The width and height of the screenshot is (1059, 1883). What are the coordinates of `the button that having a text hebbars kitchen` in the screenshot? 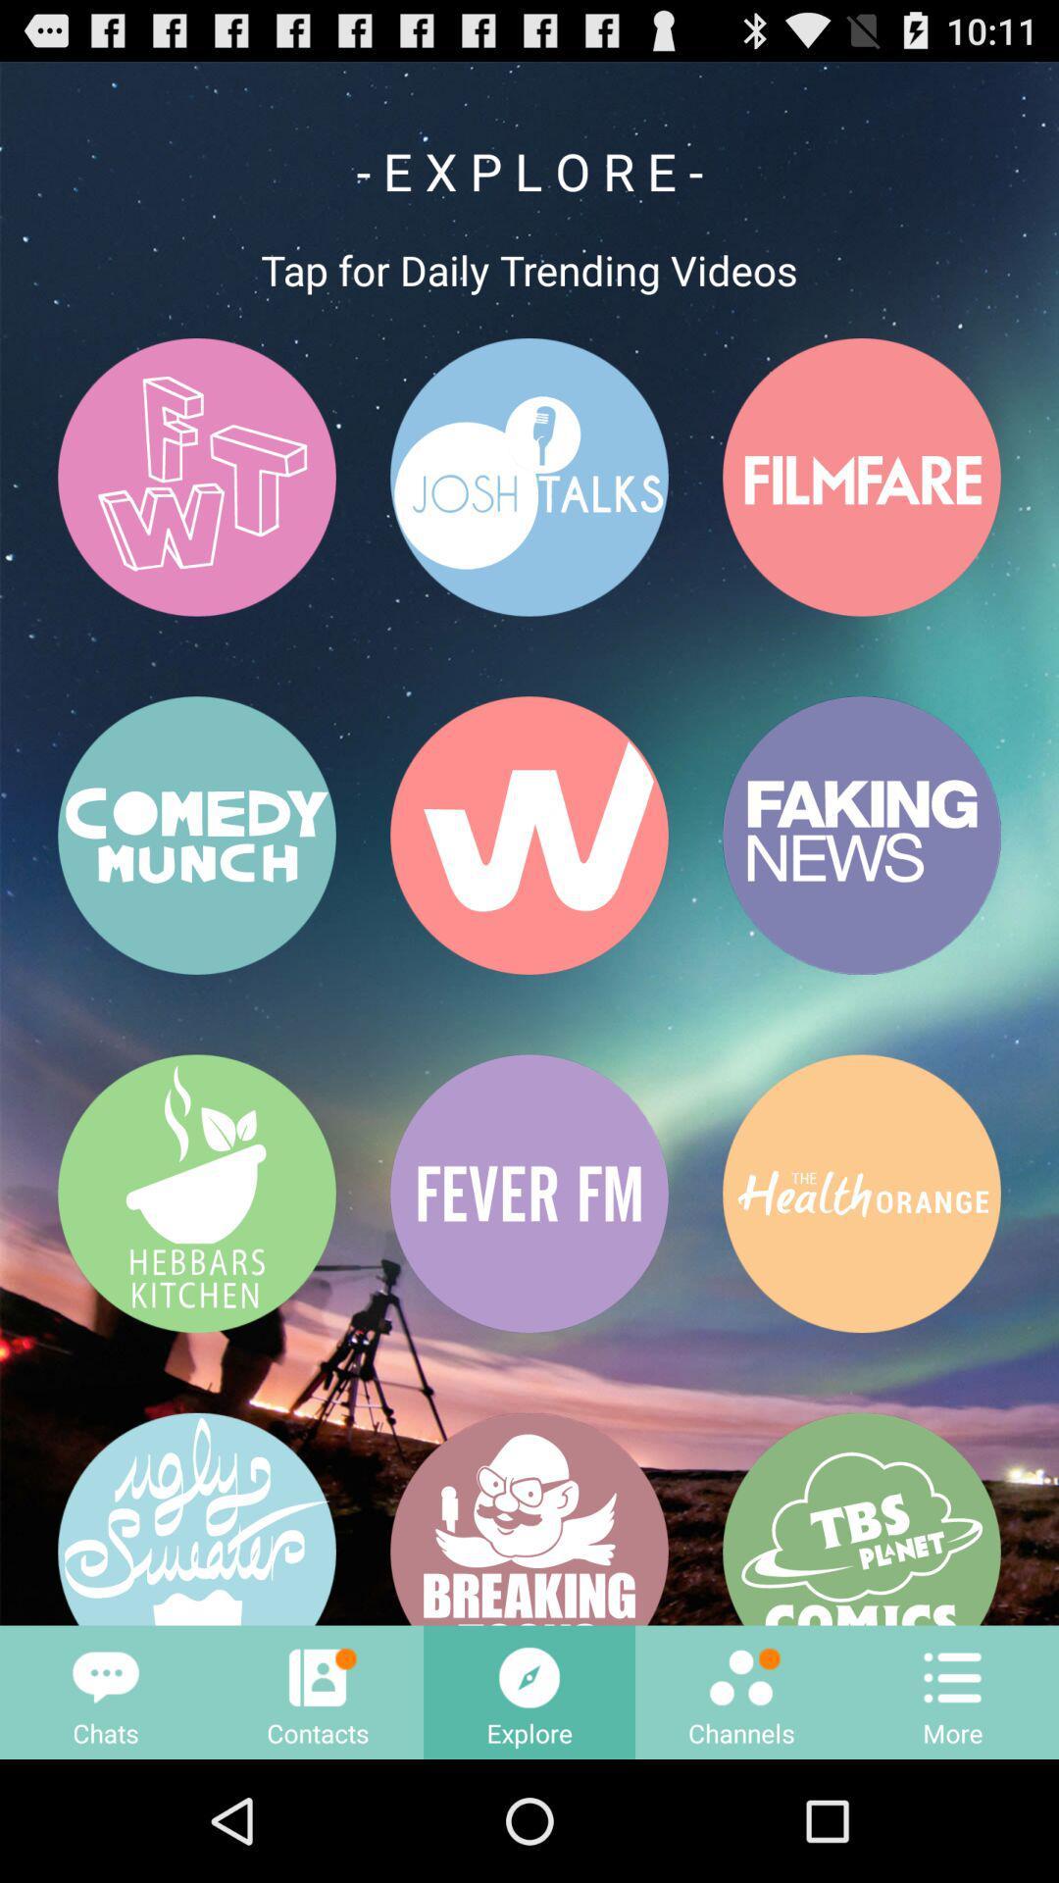 It's located at (196, 1193).